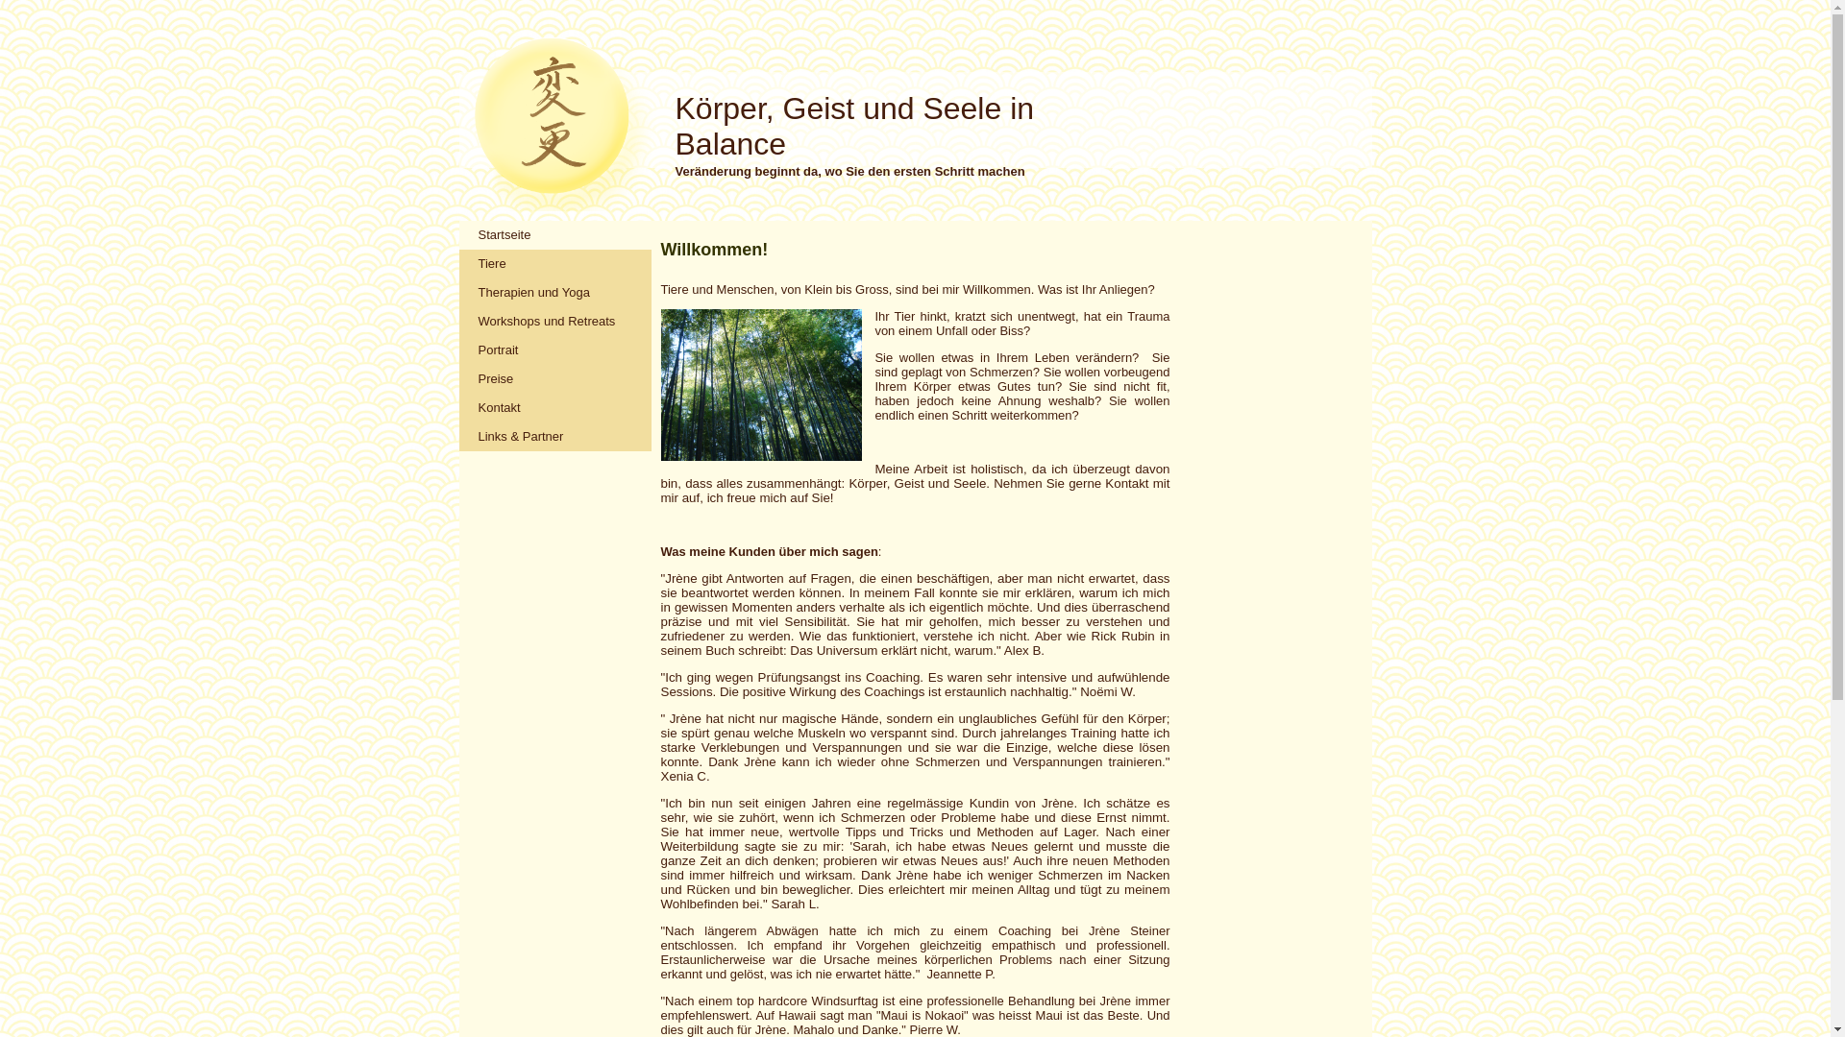 This screenshot has width=1845, height=1037. What do you see at coordinates (553, 378) in the screenshot?
I see `'Preise'` at bounding box center [553, 378].